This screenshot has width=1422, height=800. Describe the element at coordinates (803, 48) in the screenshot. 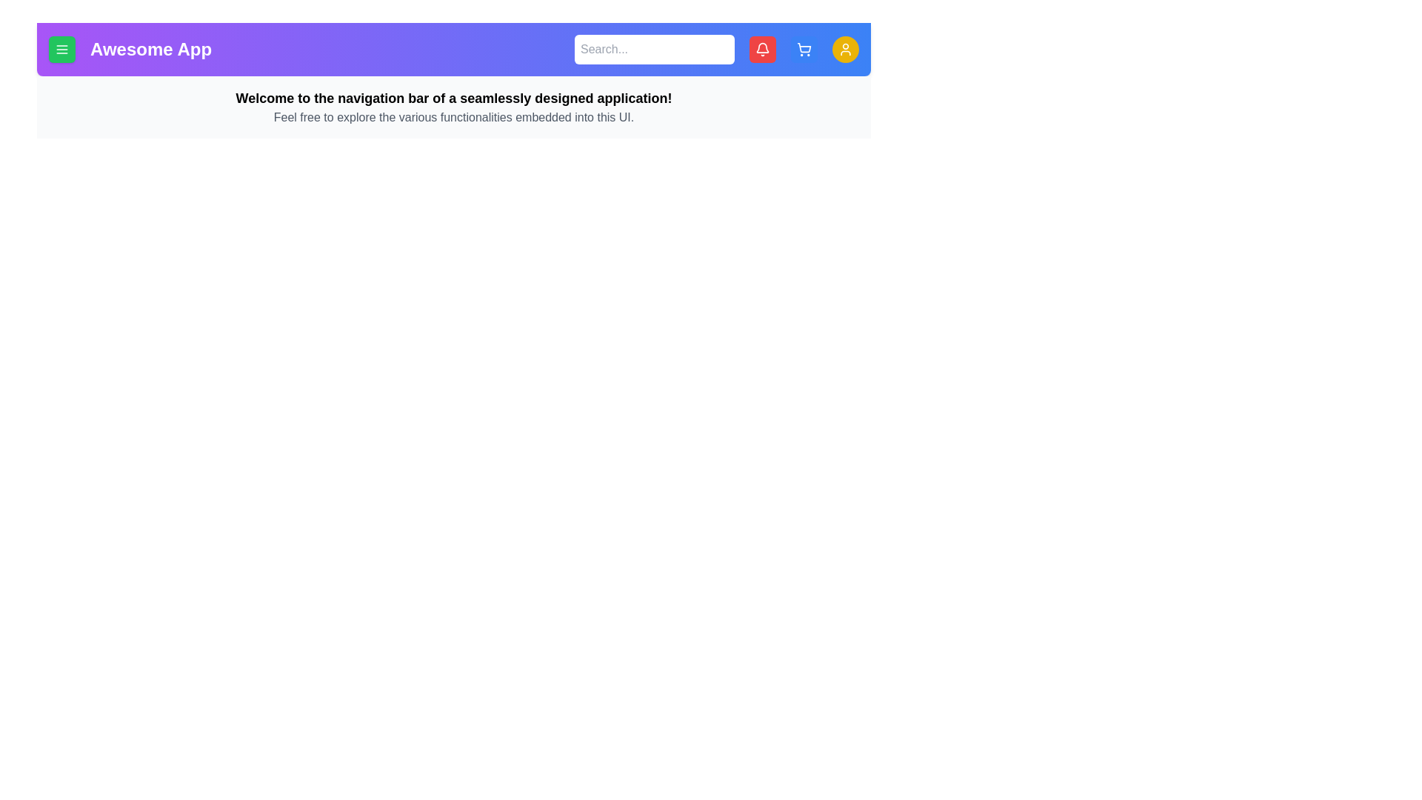

I see `the button with cart to view its hover effect` at that location.